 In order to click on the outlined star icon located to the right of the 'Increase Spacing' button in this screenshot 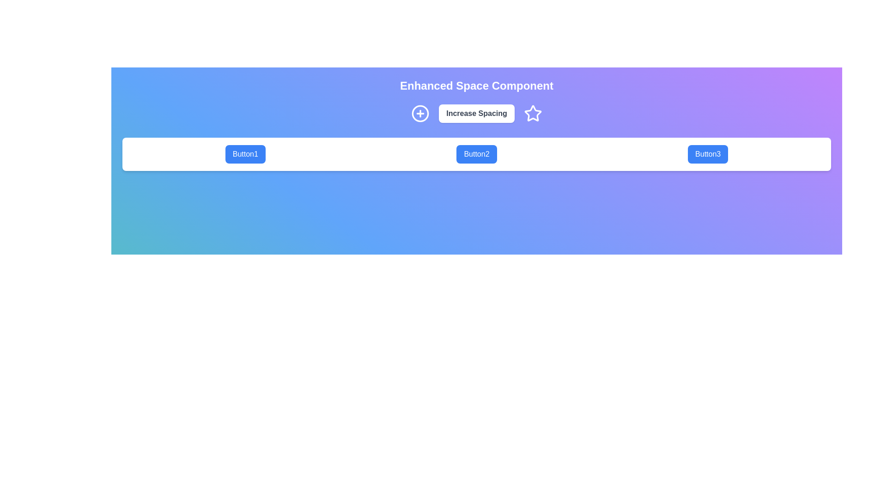, I will do `click(533, 113)`.